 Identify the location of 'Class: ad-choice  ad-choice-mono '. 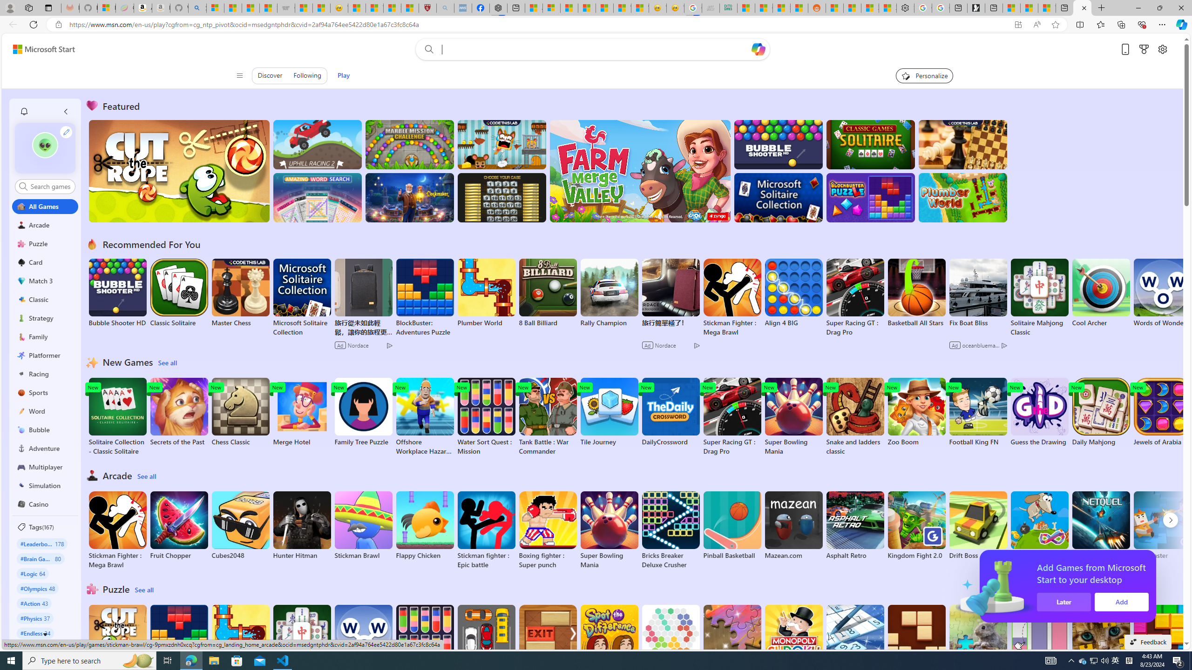
(1004, 345).